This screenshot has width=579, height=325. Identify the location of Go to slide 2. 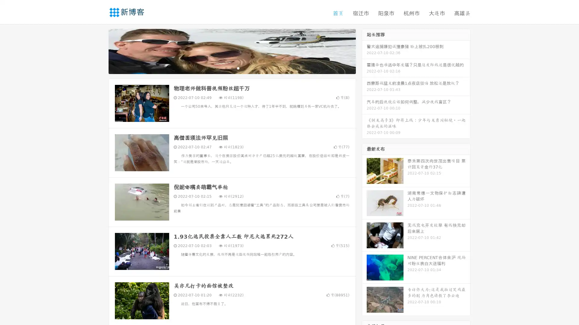
(232, 68).